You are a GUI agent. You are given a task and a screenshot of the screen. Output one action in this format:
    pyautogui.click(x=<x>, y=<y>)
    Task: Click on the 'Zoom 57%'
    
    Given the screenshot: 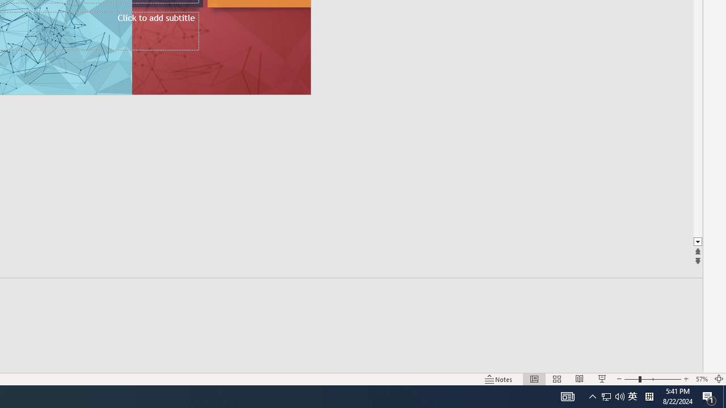 What is the action you would take?
    pyautogui.click(x=701, y=379)
    